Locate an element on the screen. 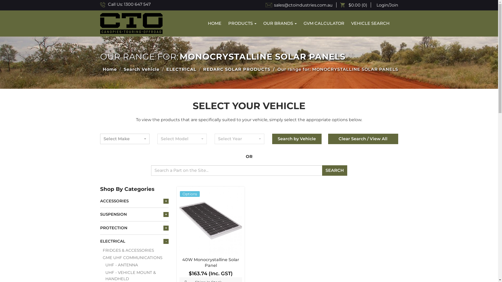  'Search Vehicle' is located at coordinates (141, 69).